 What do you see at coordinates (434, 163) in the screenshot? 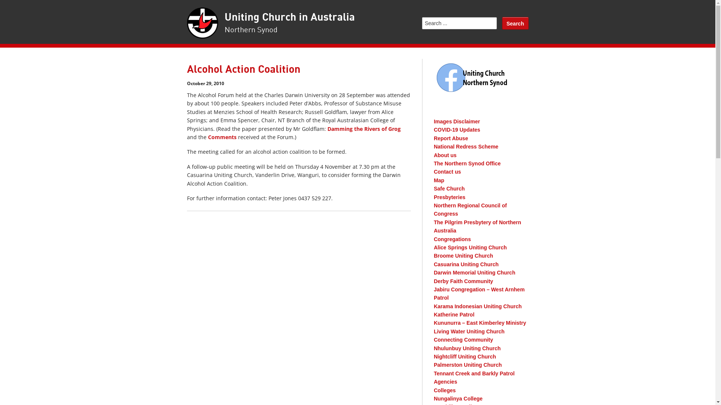
I see `'The Northern Synod Office'` at bounding box center [434, 163].